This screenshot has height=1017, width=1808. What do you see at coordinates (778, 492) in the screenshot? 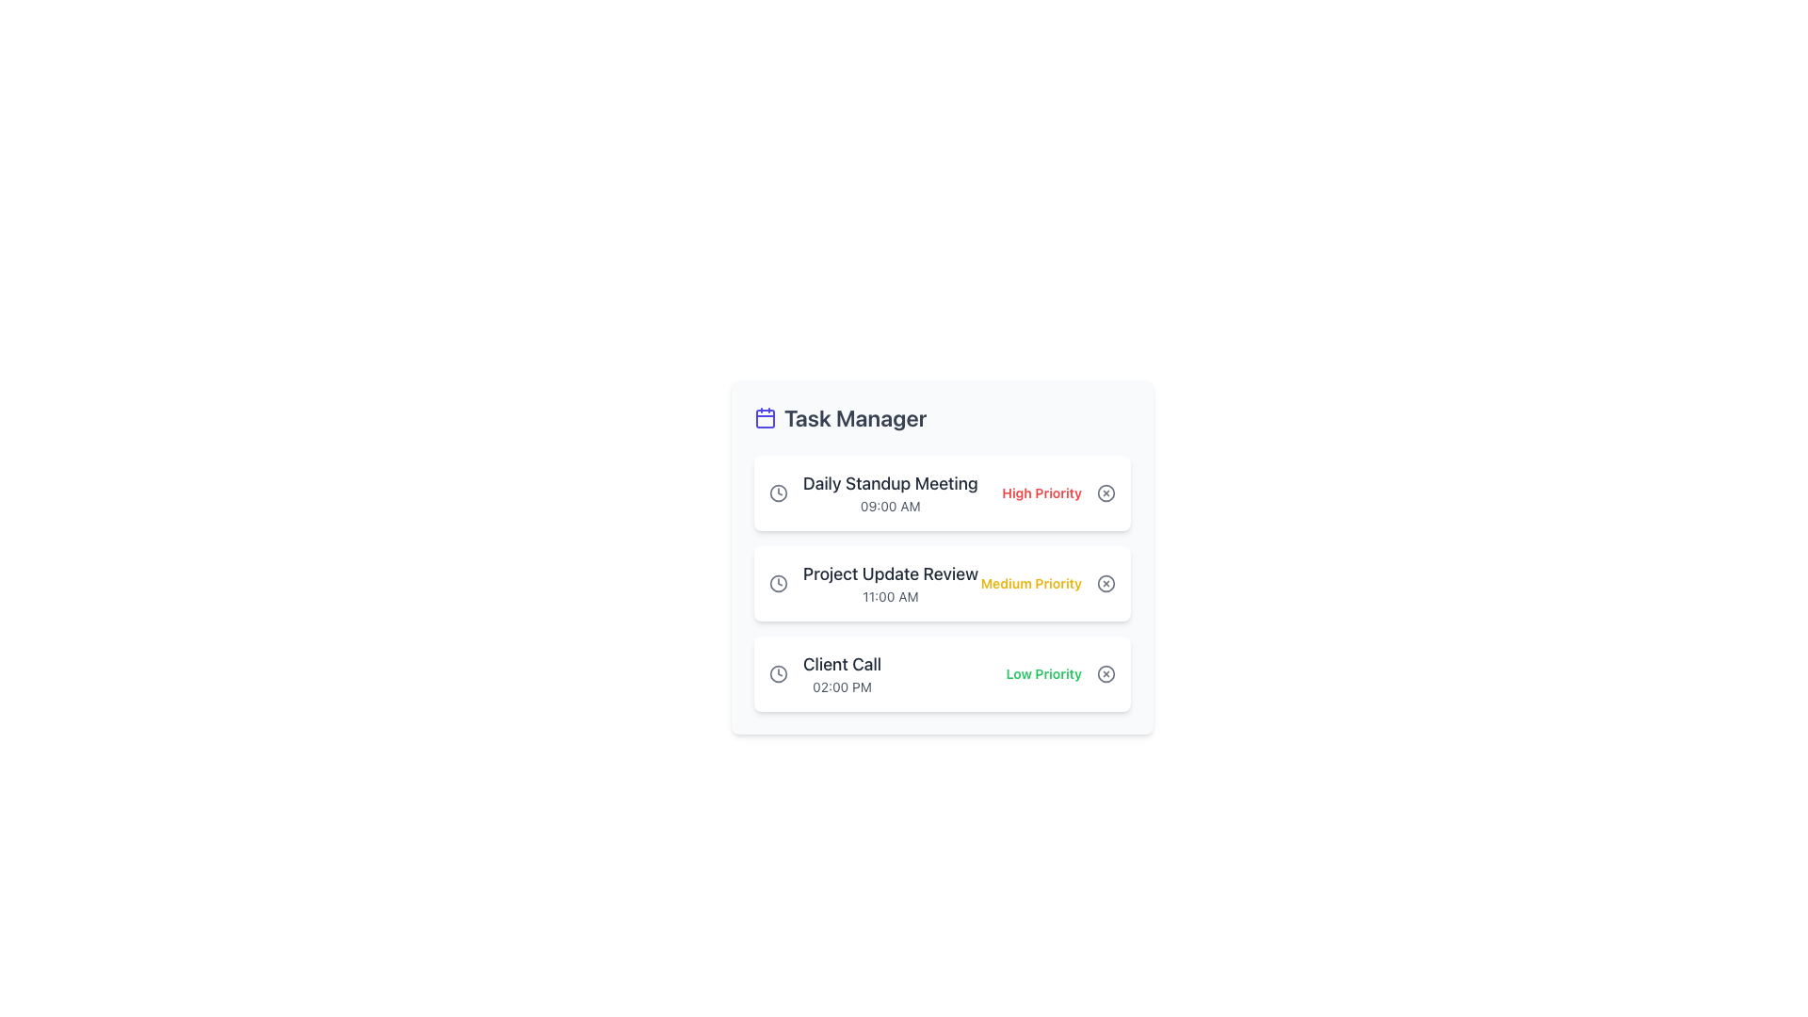
I see `the outer circular part of the clock icon for the 'Daily Standup Meeting' task, which is represented as a Decorative SVG component` at bounding box center [778, 492].